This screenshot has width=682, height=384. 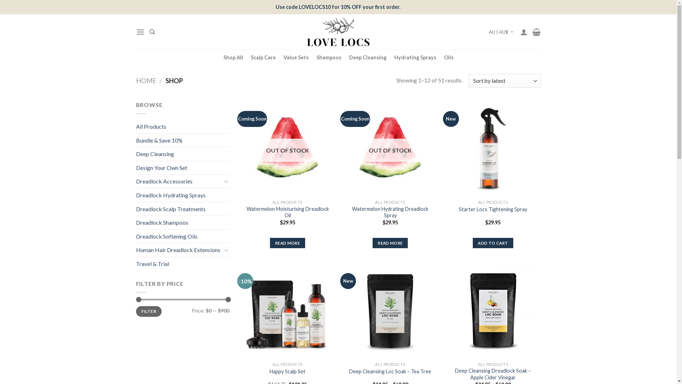 What do you see at coordinates (148, 311) in the screenshot?
I see `'FILTER'` at bounding box center [148, 311].